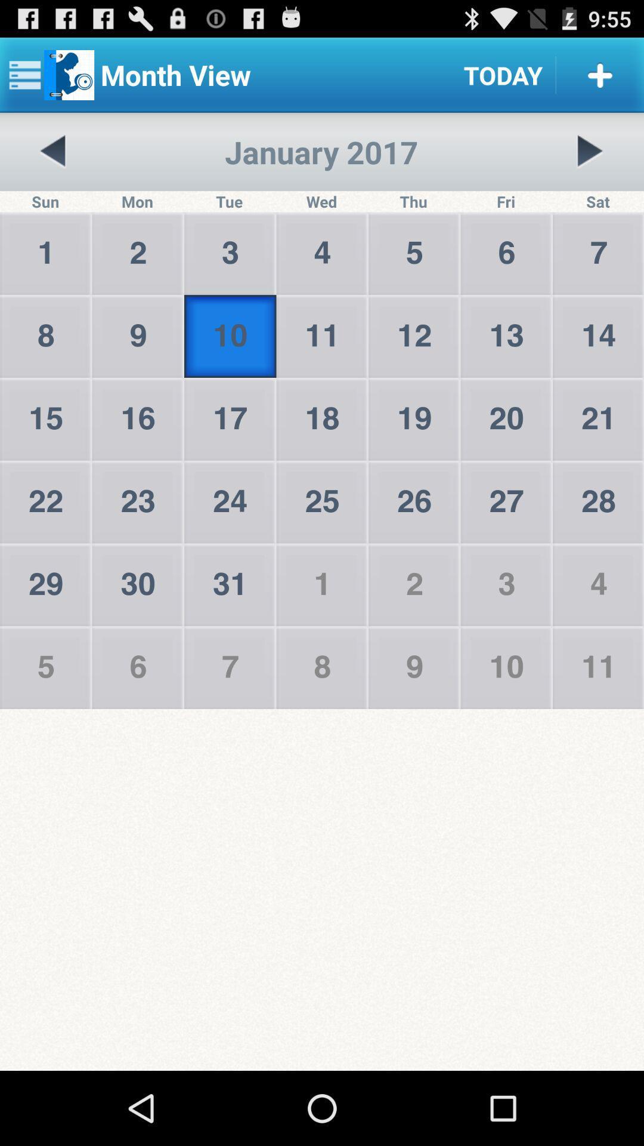 The height and width of the screenshot is (1146, 644). Describe the element at coordinates (589, 151) in the screenshot. I see `go forward one month` at that location.